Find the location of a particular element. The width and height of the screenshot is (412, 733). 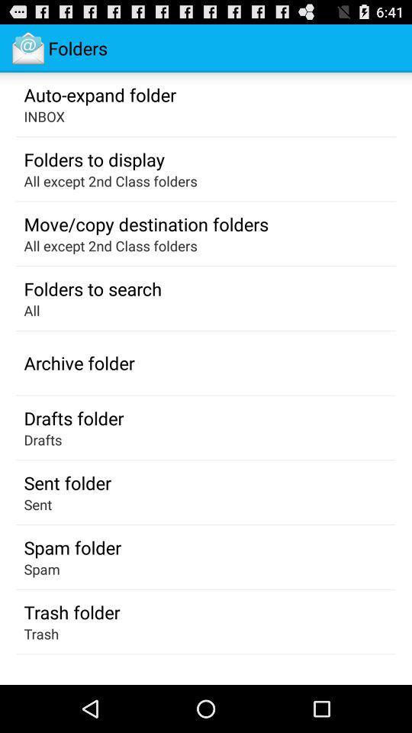

the icon above the all except 2nd icon is located at coordinates (146, 223).